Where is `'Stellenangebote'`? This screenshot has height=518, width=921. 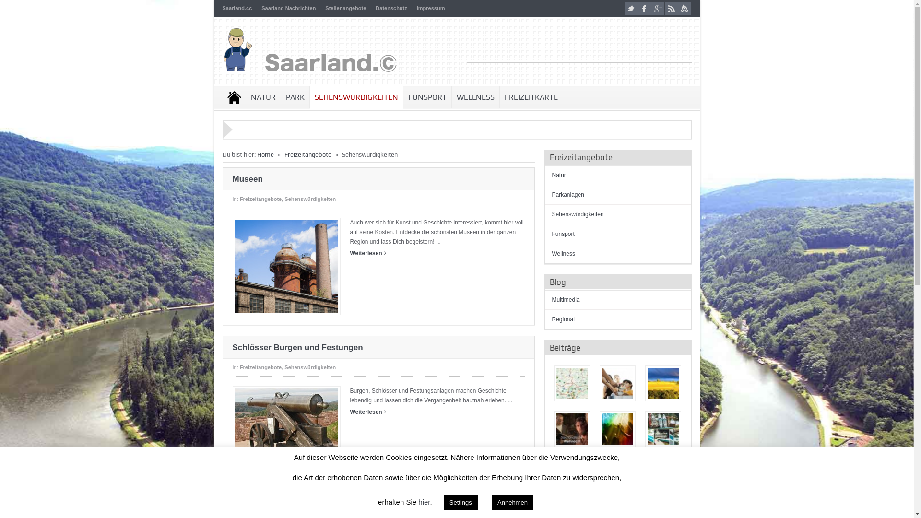
'Stellenangebote' is located at coordinates (345, 8).